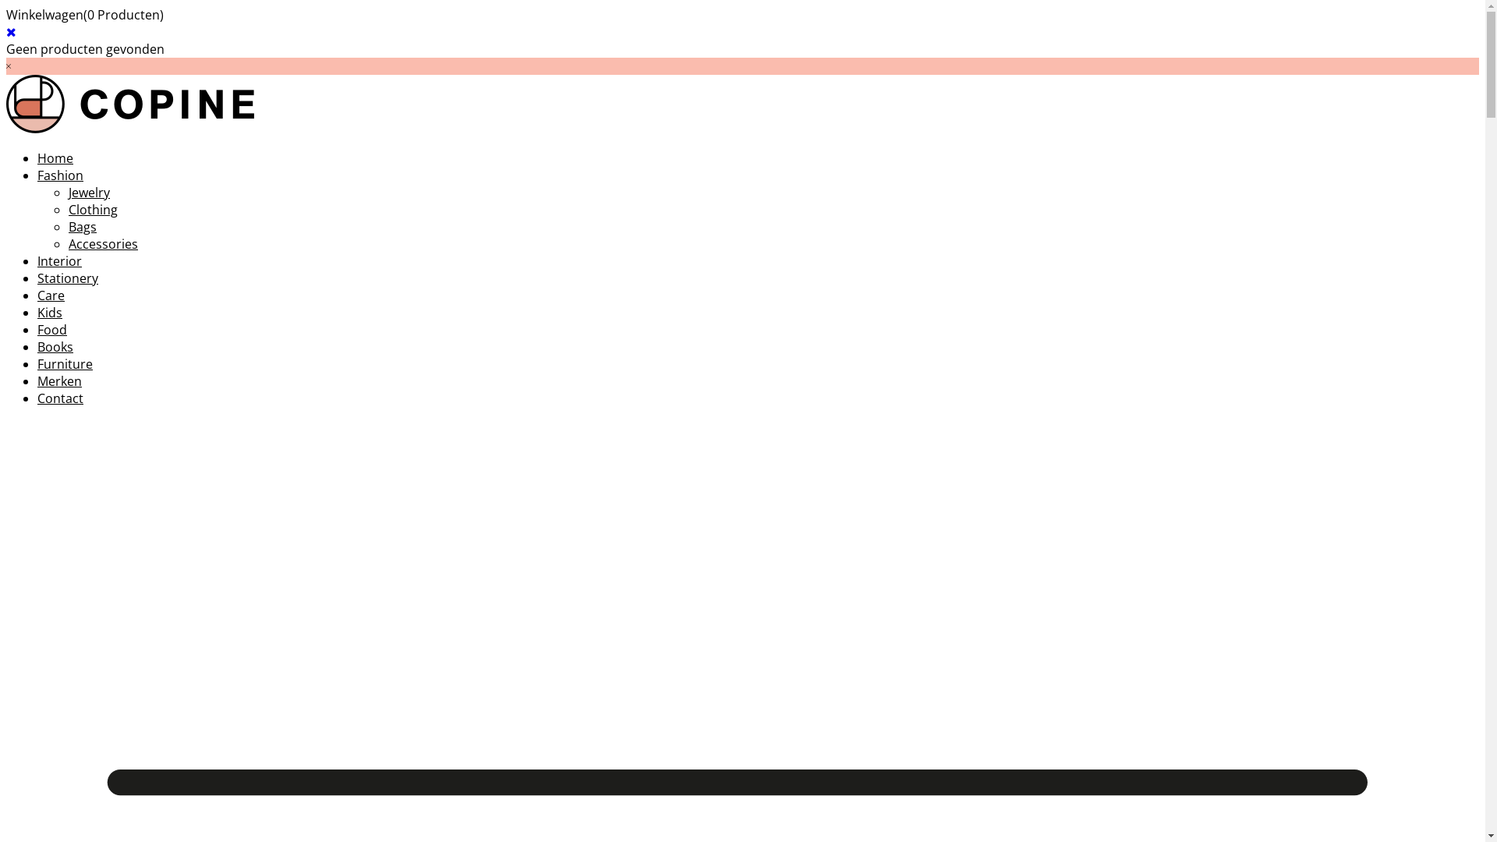 This screenshot has height=842, width=1497. I want to click on 'Interior', so click(59, 260).